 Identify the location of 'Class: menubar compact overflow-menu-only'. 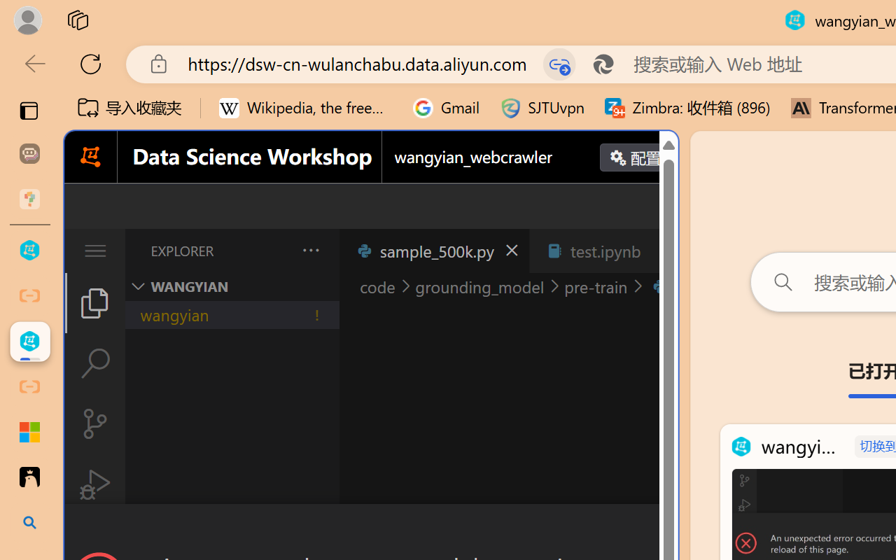
(94, 251).